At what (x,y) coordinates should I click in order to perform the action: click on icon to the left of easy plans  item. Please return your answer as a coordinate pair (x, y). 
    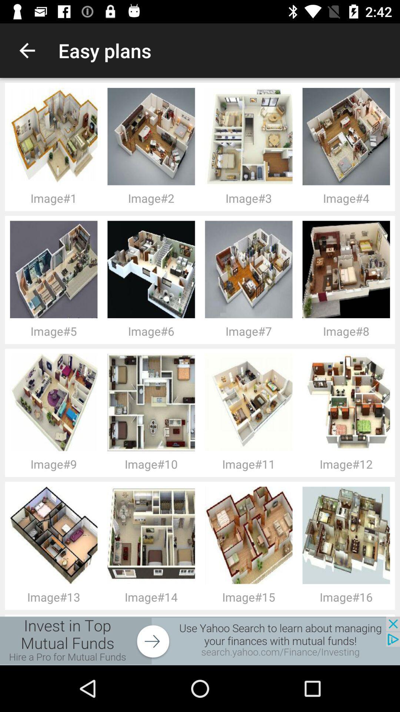
    Looking at the image, I should click on (27, 50).